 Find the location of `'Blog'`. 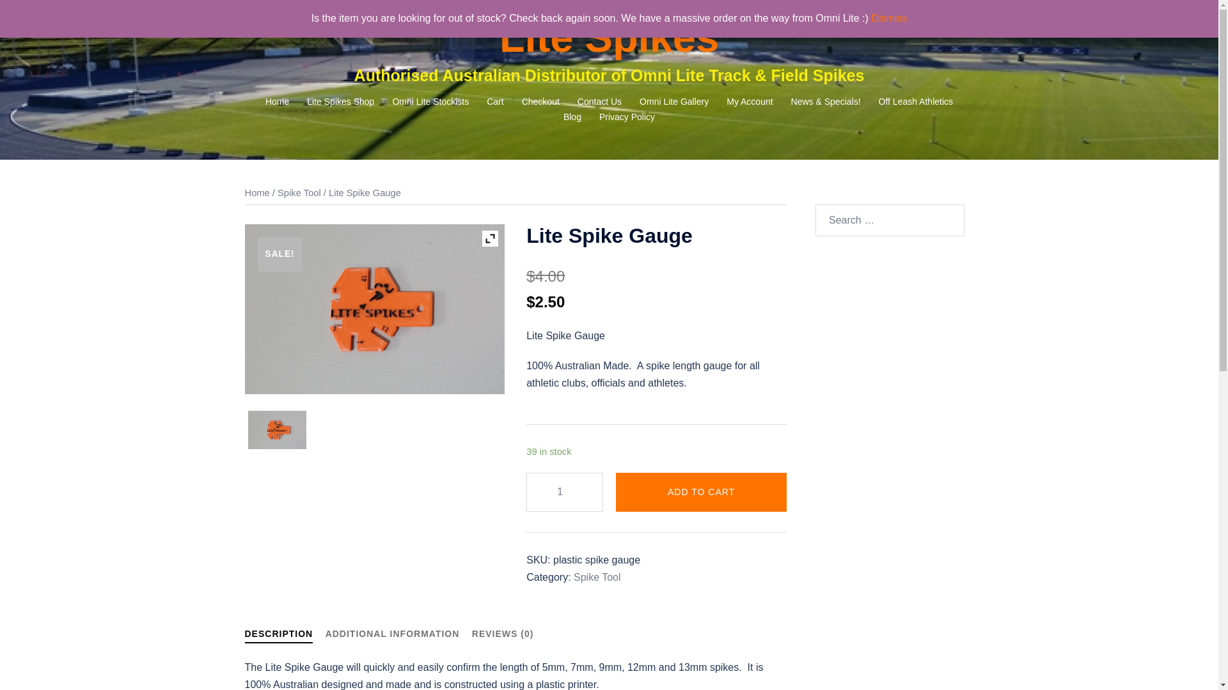

'Blog' is located at coordinates (571, 118).